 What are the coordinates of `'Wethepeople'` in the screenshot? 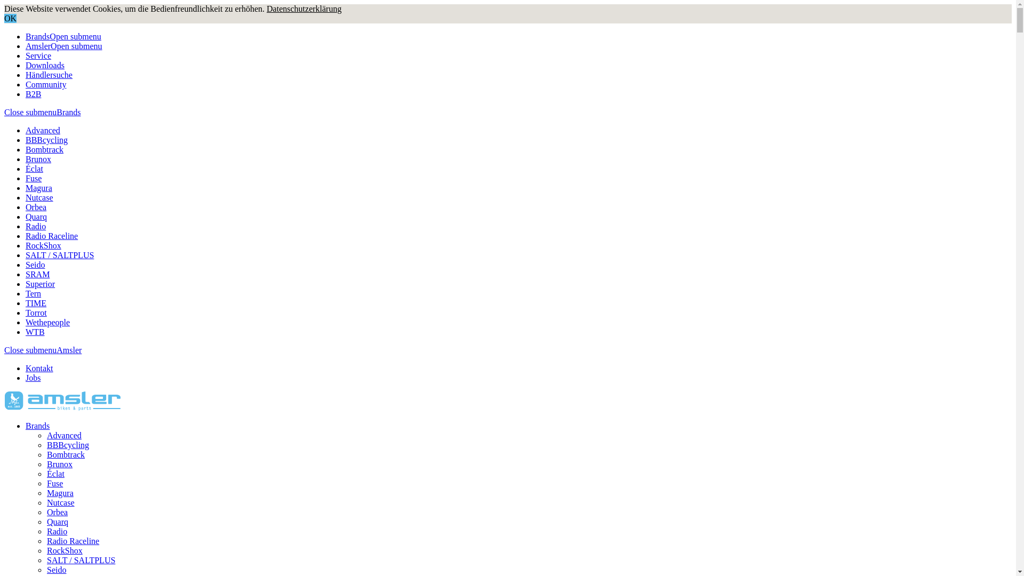 It's located at (47, 322).